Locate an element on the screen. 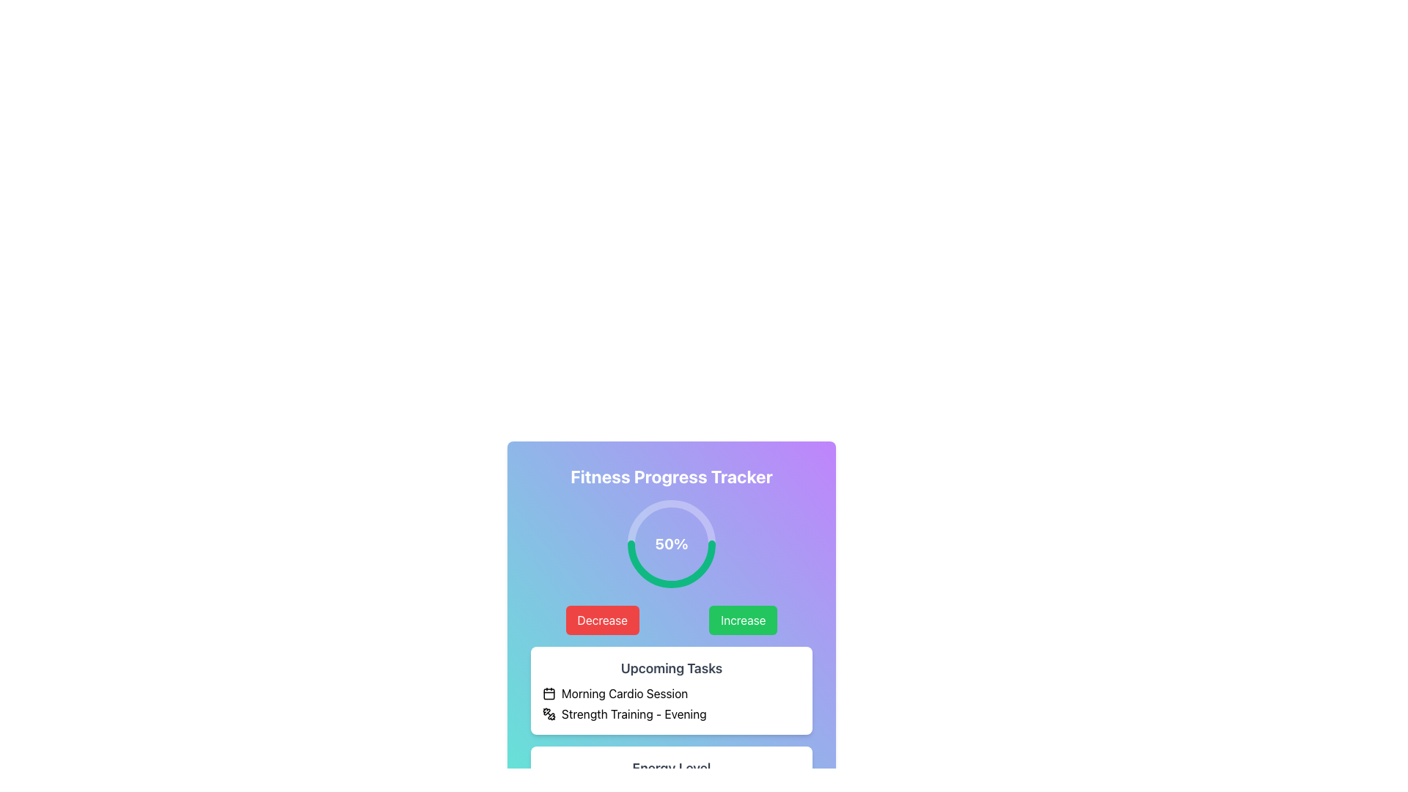 The height and width of the screenshot is (792, 1408). the interactive button group labeled 'Decrease' (red) and 'Increase' (green) to trigger the hover effect is located at coordinates (671, 620).